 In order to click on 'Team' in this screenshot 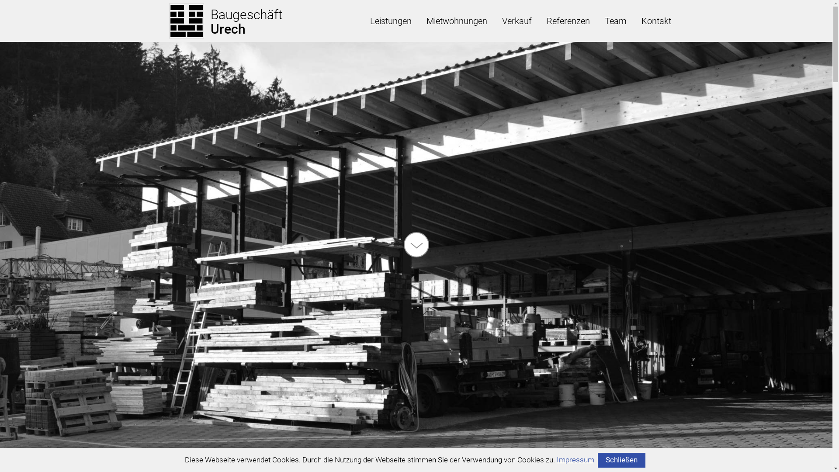, I will do `click(614, 20)`.